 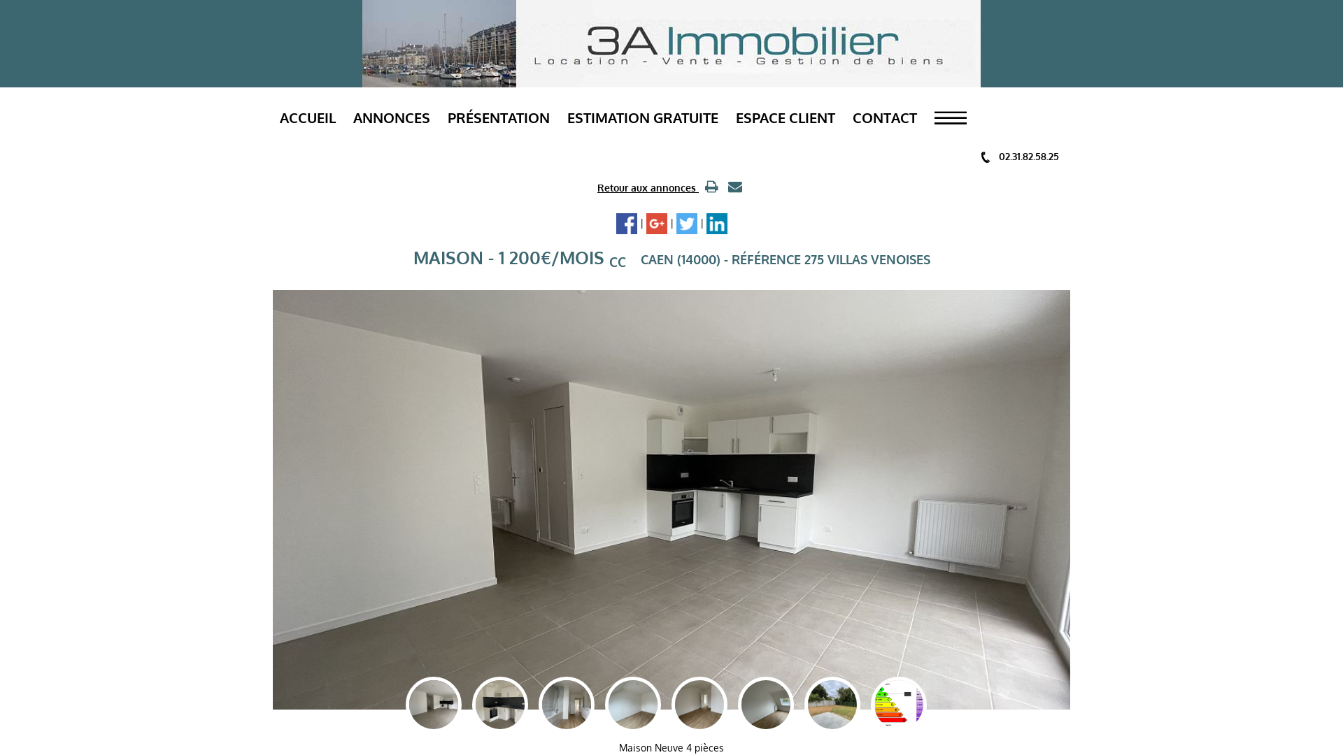 I want to click on 'ACCUEIL', so click(x=307, y=117).